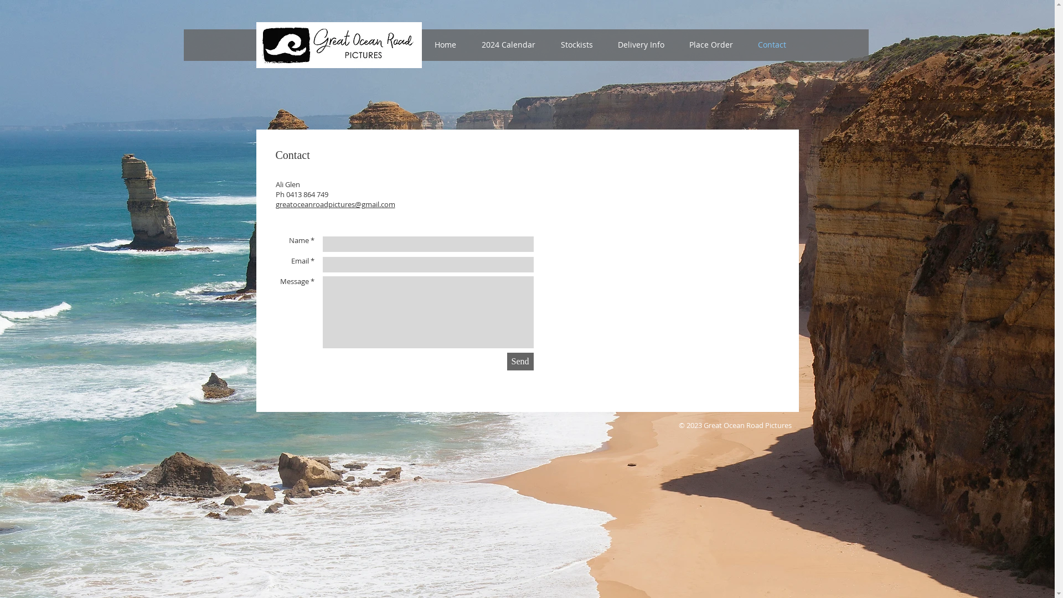 This screenshot has height=598, width=1063. I want to click on 'Place Order', so click(710, 44).